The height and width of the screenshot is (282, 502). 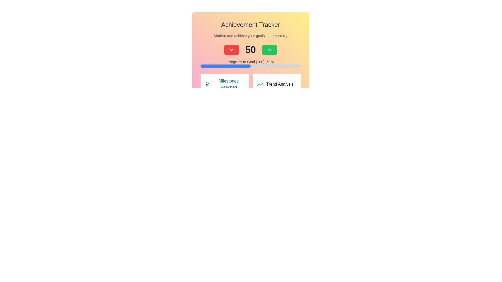 What do you see at coordinates (260, 84) in the screenshot?
I see `the 'Trend Analysis' icon, which is located on the right-hand side of the lower section of the interface, next to its associated text label` at bounding box center [260, 84].